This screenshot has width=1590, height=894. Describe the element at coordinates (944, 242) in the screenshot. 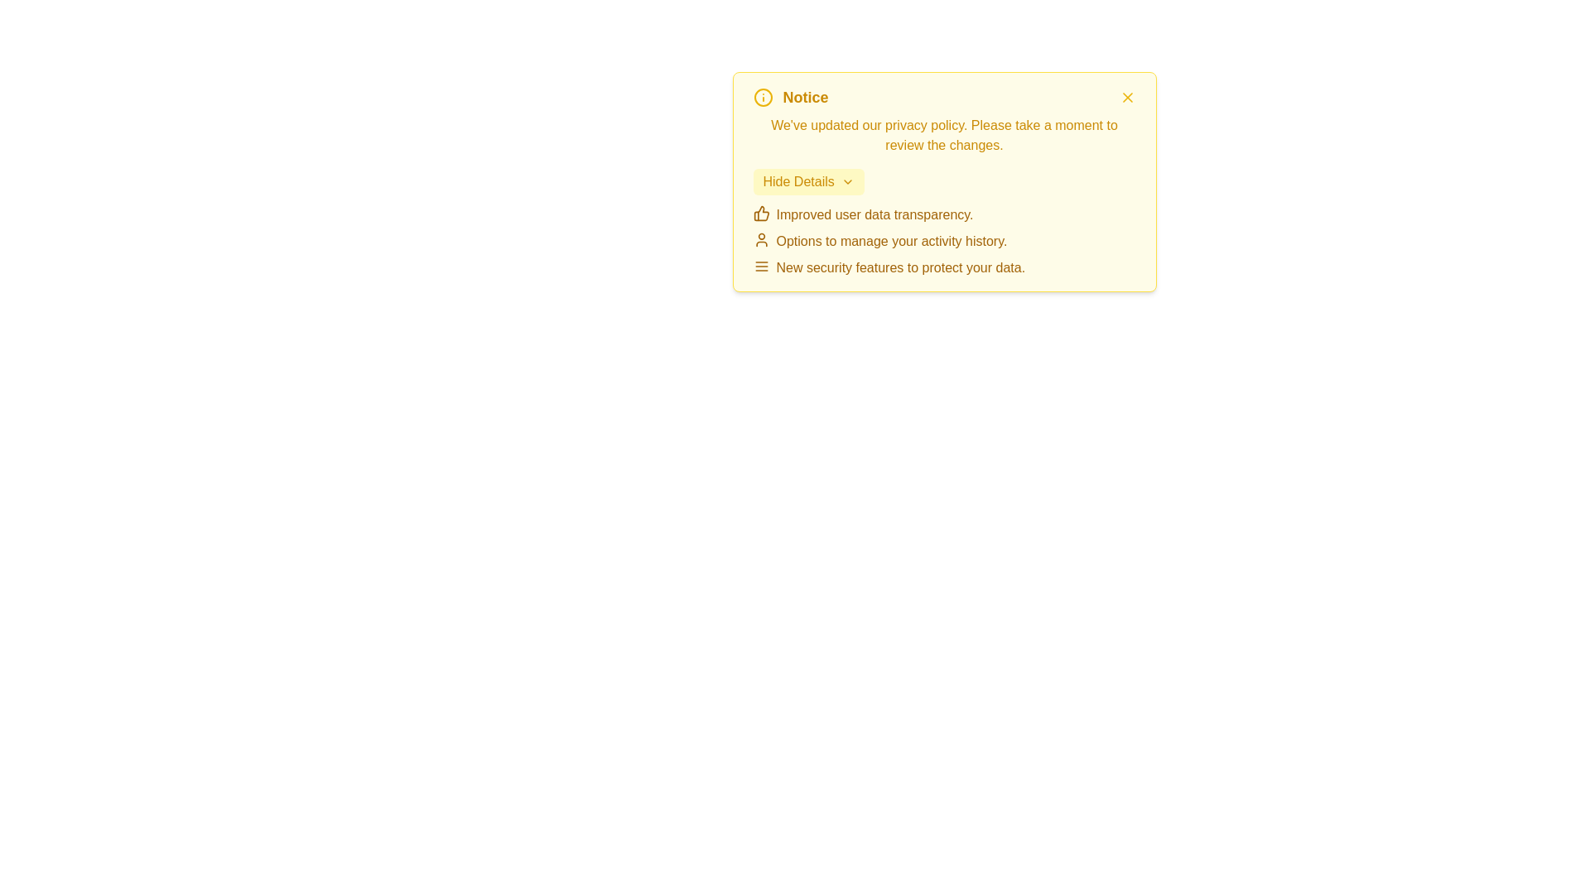

I see `information displayed in the informational list with icons located within the yellow-themed notice box, positioned below the 'Hide Details' button` at that location.